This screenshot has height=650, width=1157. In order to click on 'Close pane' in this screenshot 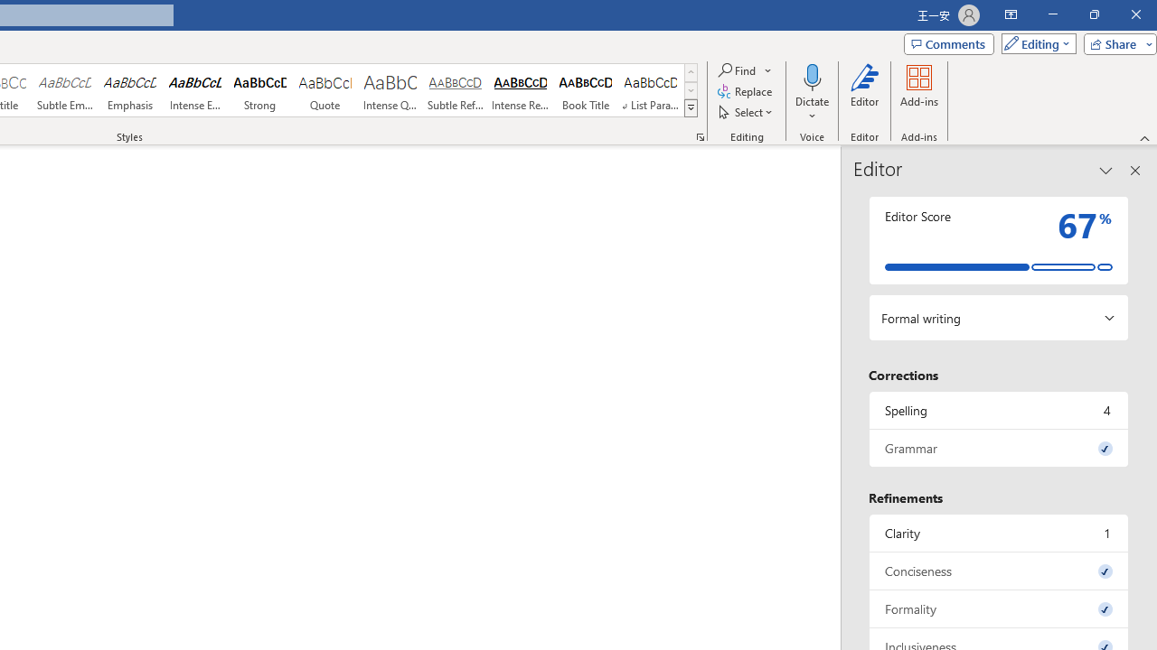, I will do `click(1134, 171)`.